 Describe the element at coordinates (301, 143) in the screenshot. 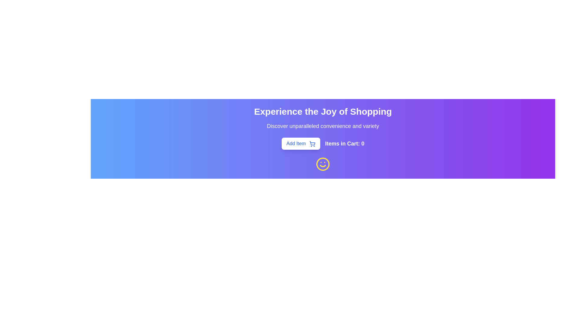

I see `the 'Add Item' button, which is a rectangular button with rounded corners, a white background, blue text aligned to the left, and a shopping cart icon` at that location.